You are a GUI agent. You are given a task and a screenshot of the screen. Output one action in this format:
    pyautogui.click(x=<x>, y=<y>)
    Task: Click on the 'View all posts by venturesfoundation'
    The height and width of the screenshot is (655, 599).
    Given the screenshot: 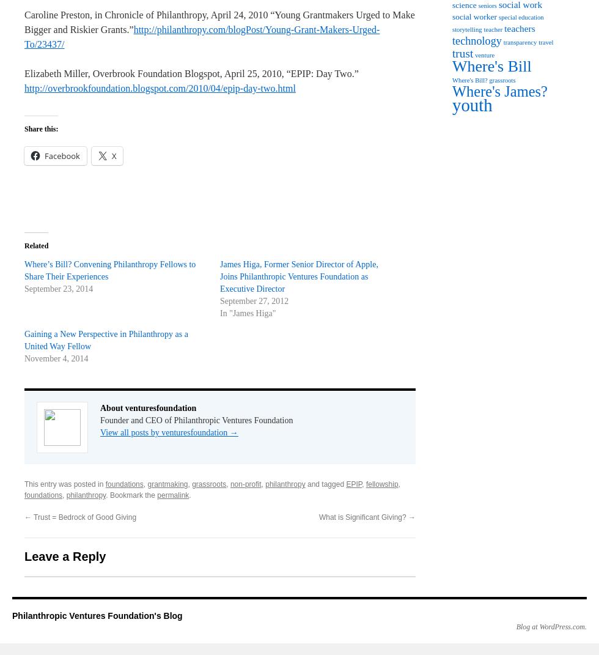 What is the action you would take?
    pyautogui.click(x=100, y=432)
    